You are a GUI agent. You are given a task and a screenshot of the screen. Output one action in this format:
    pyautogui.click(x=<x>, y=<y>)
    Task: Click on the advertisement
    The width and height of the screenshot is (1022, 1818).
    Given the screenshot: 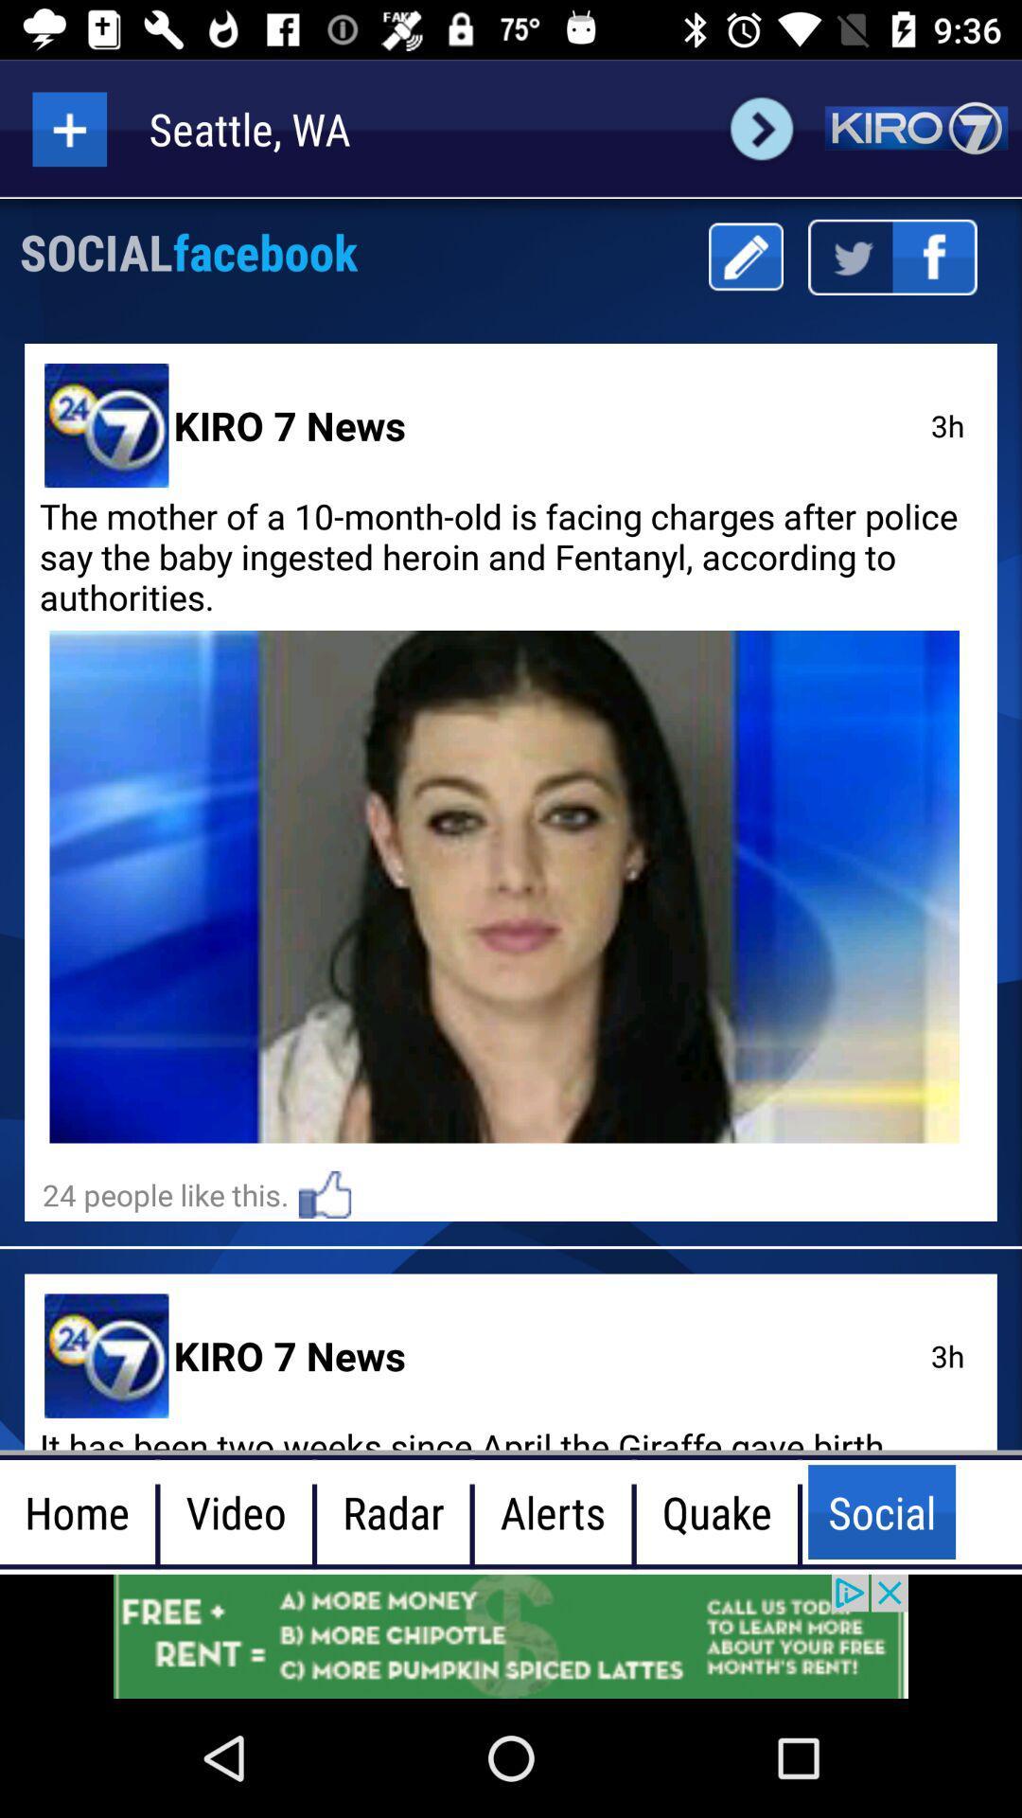 What is the action you would take?
    pyautogui.click(x=511, y=1635)
    